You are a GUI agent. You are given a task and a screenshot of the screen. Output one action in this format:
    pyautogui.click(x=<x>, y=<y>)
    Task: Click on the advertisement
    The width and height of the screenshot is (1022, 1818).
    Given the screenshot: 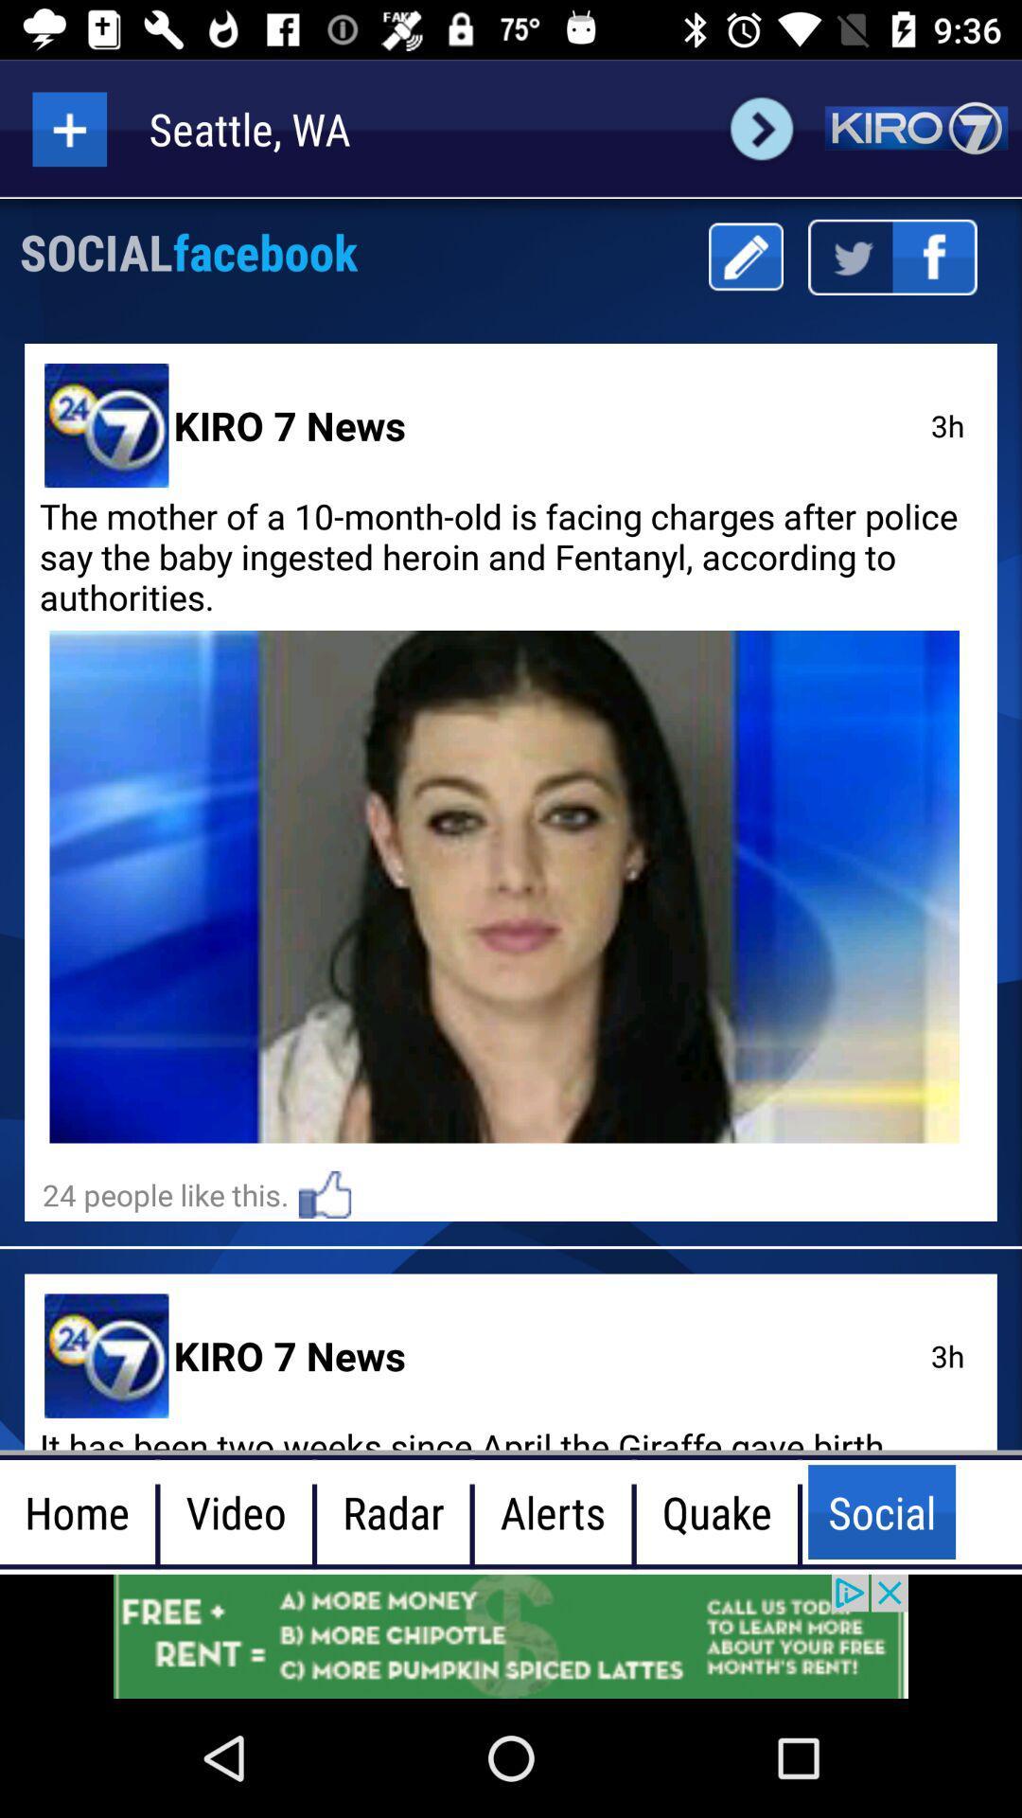 What is the action you would take?
    pyautogui.click(x=511, y=1635)
    